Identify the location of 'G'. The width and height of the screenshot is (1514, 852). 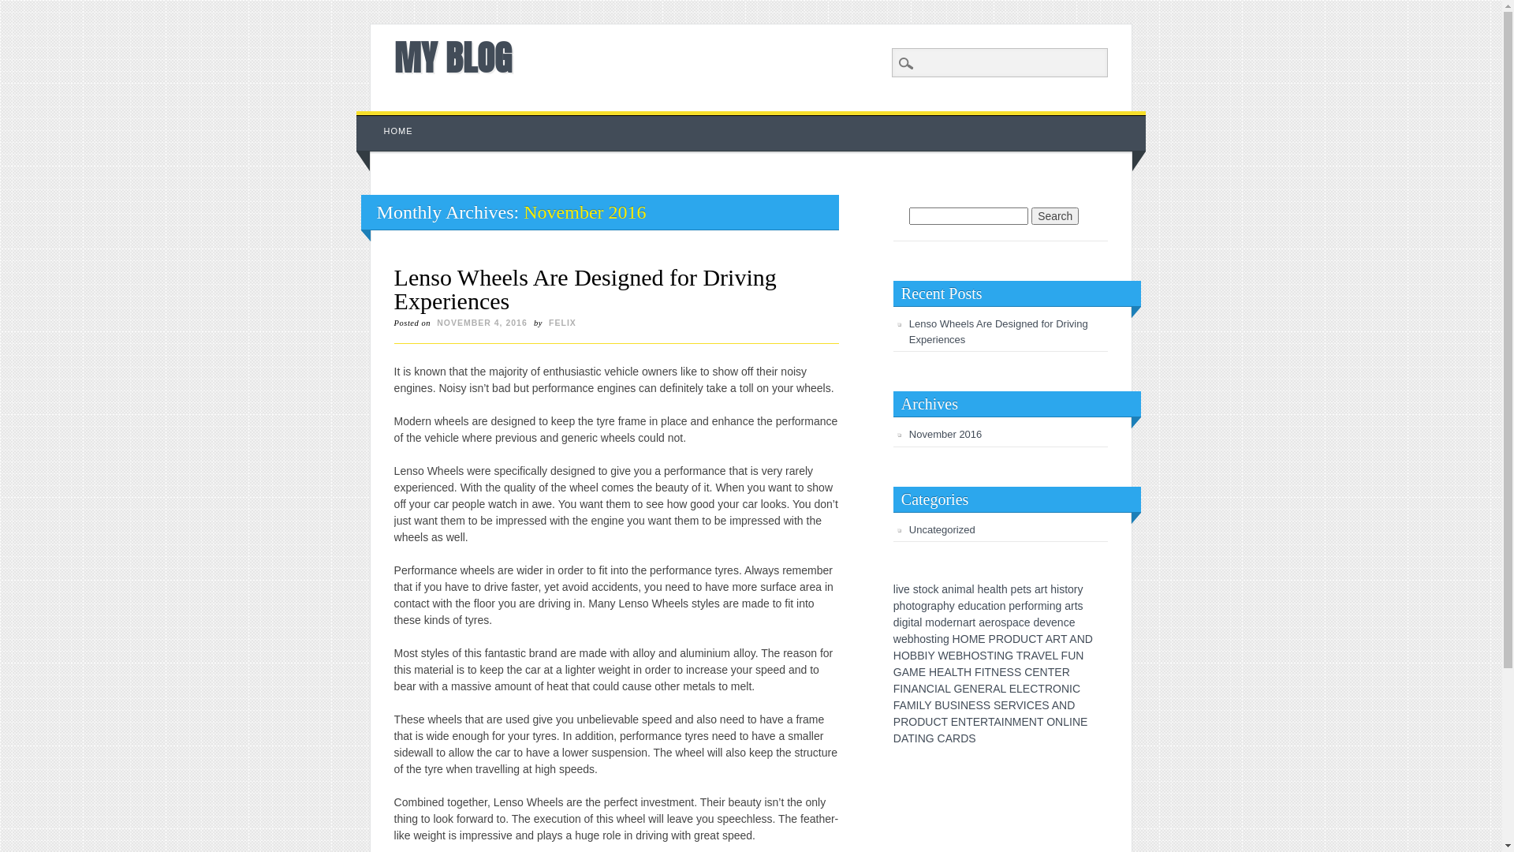
(930, 738).